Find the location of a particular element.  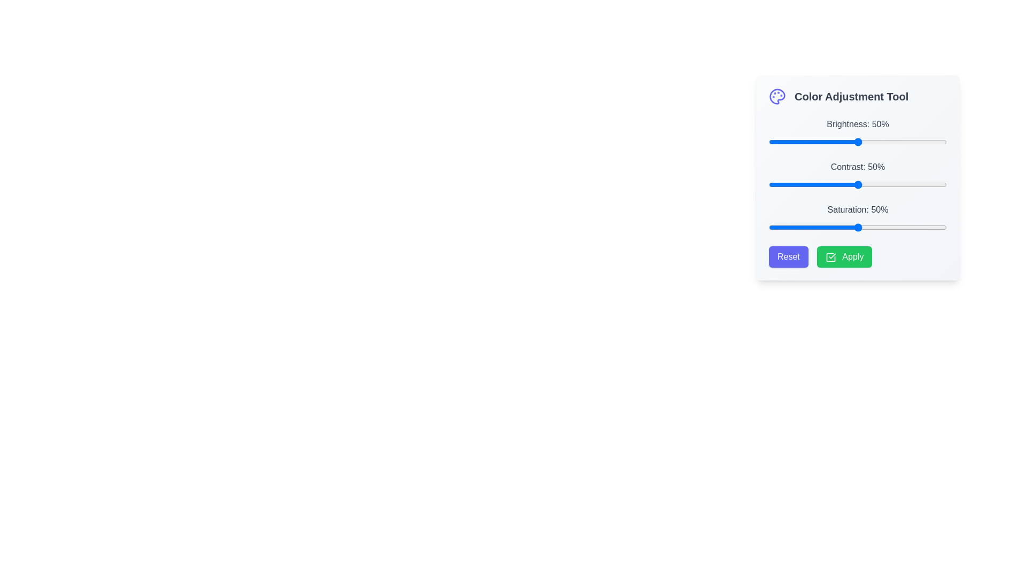

the contrast is located at coordinates (875, 184).